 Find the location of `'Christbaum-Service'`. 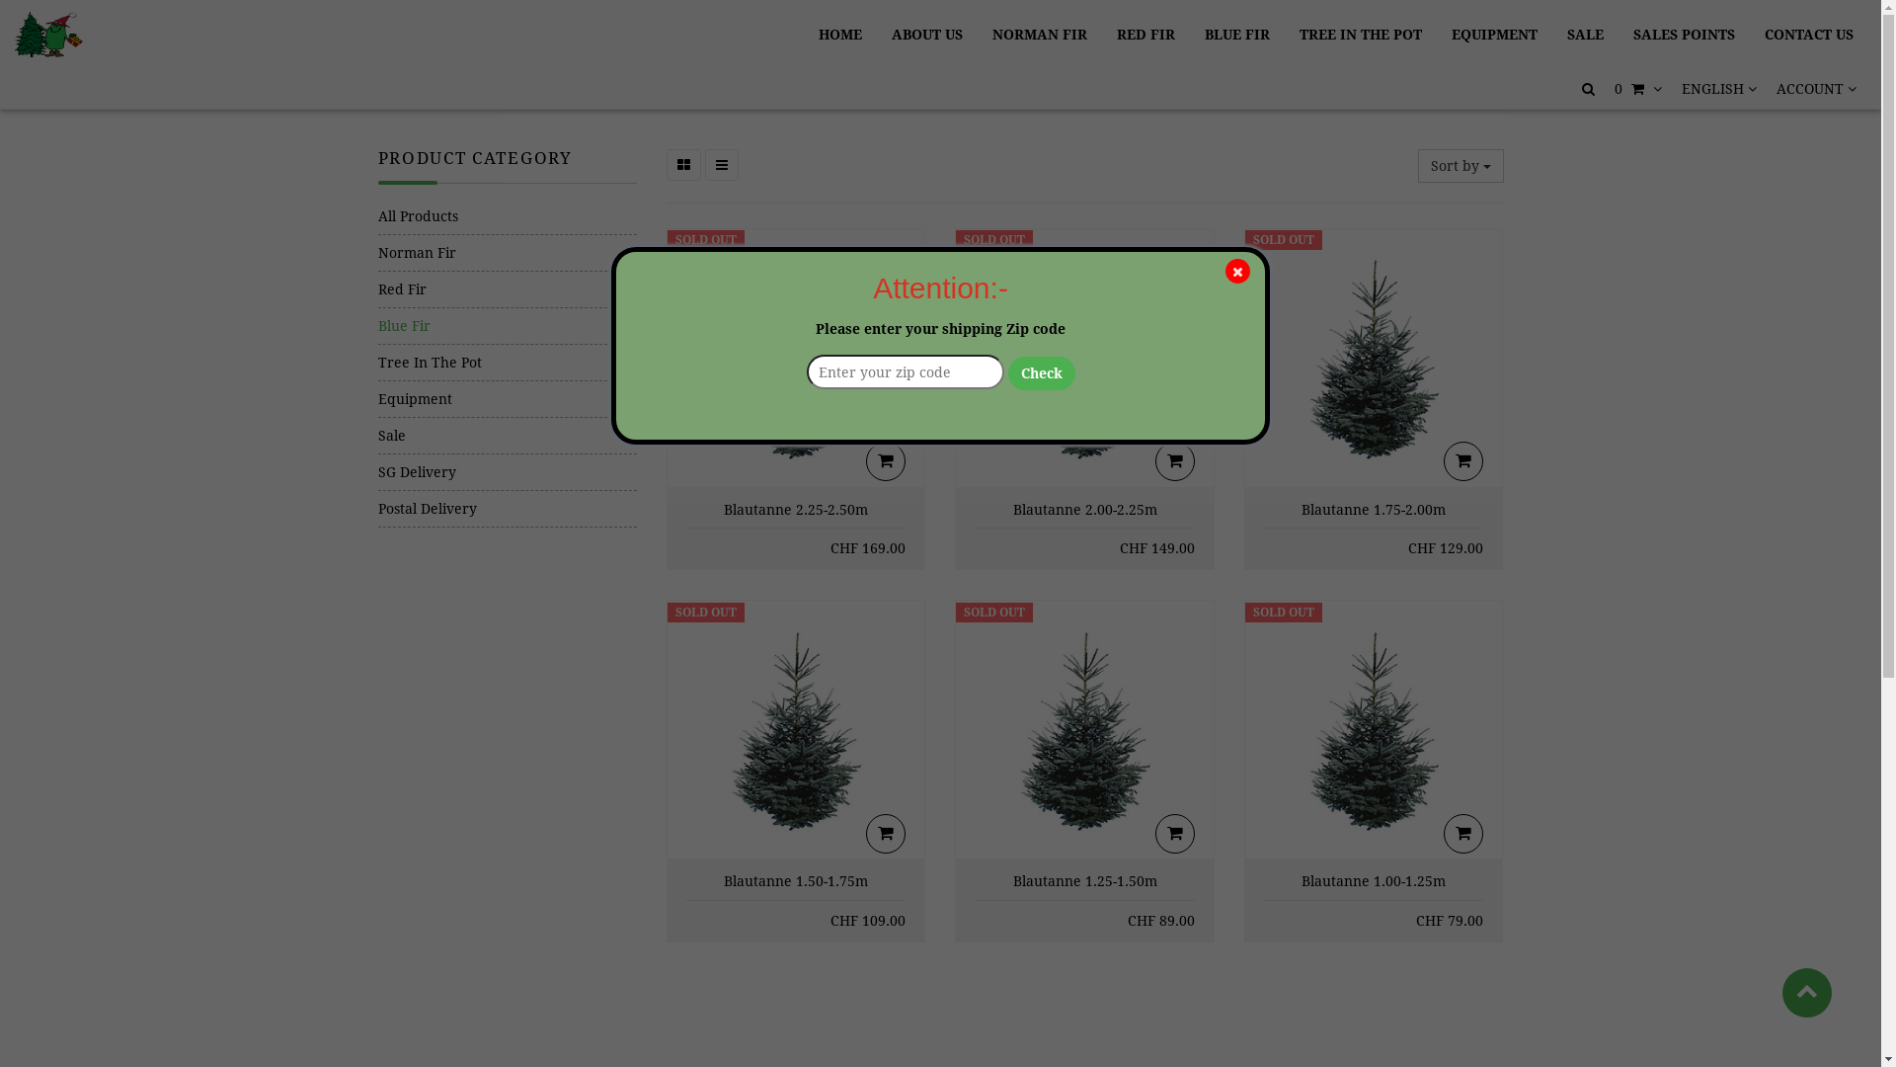

'Christbaum-Service' is located at coordinates (48, 34).